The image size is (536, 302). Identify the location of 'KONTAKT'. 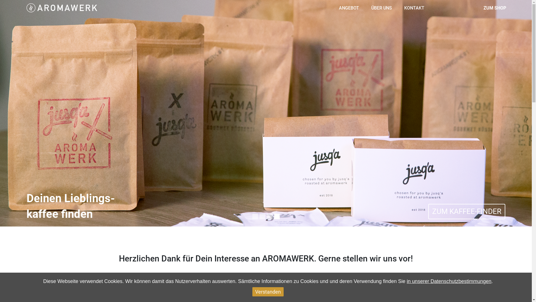
(411, 8).